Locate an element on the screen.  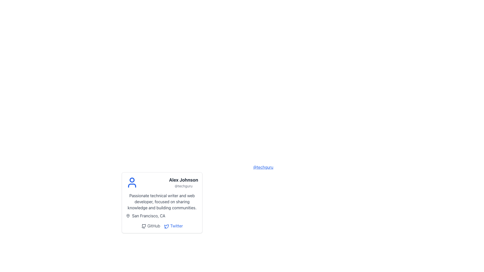
the first hyperlink in the horizontal series at the bottom of the user profile card is located at coordinates (150, 226).